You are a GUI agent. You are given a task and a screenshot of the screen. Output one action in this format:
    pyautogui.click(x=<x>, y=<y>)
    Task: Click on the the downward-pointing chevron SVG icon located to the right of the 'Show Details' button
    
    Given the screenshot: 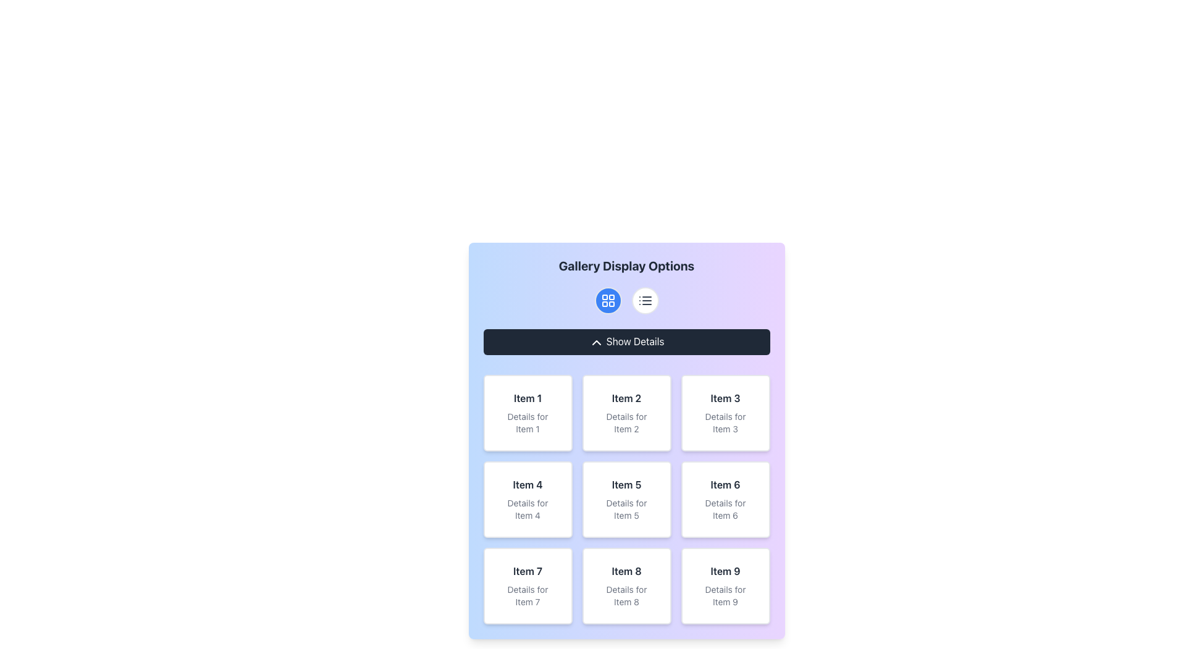 What is the action you would take?
    pyautogui.click(x=596, y=342)
    